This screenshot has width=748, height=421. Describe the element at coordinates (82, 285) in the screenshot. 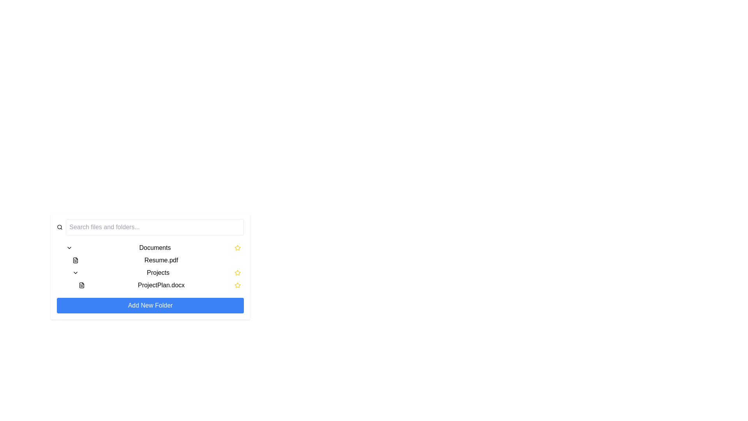

I see `the file representation icon for 'ProjectPlan.docx' within the SVG graphics context, located underneath the 'Projects' grouping` at that location.